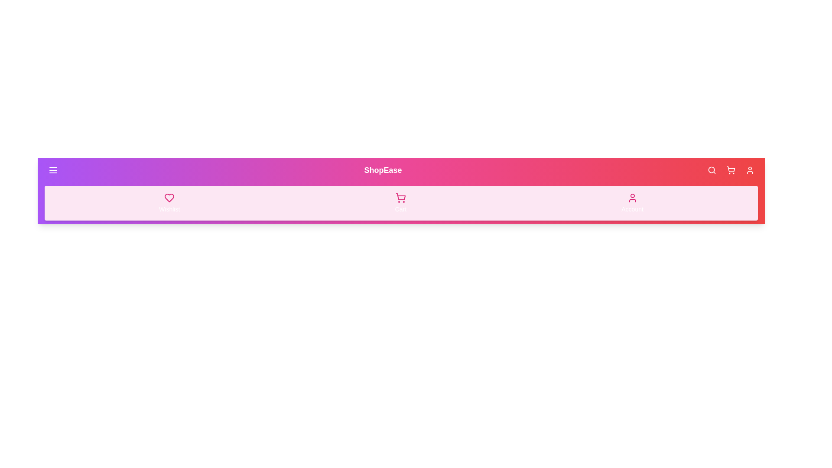  Describe the element at coordinates (400, 203) in the screenshot. I see `the Cart button to interact with it` at that location.